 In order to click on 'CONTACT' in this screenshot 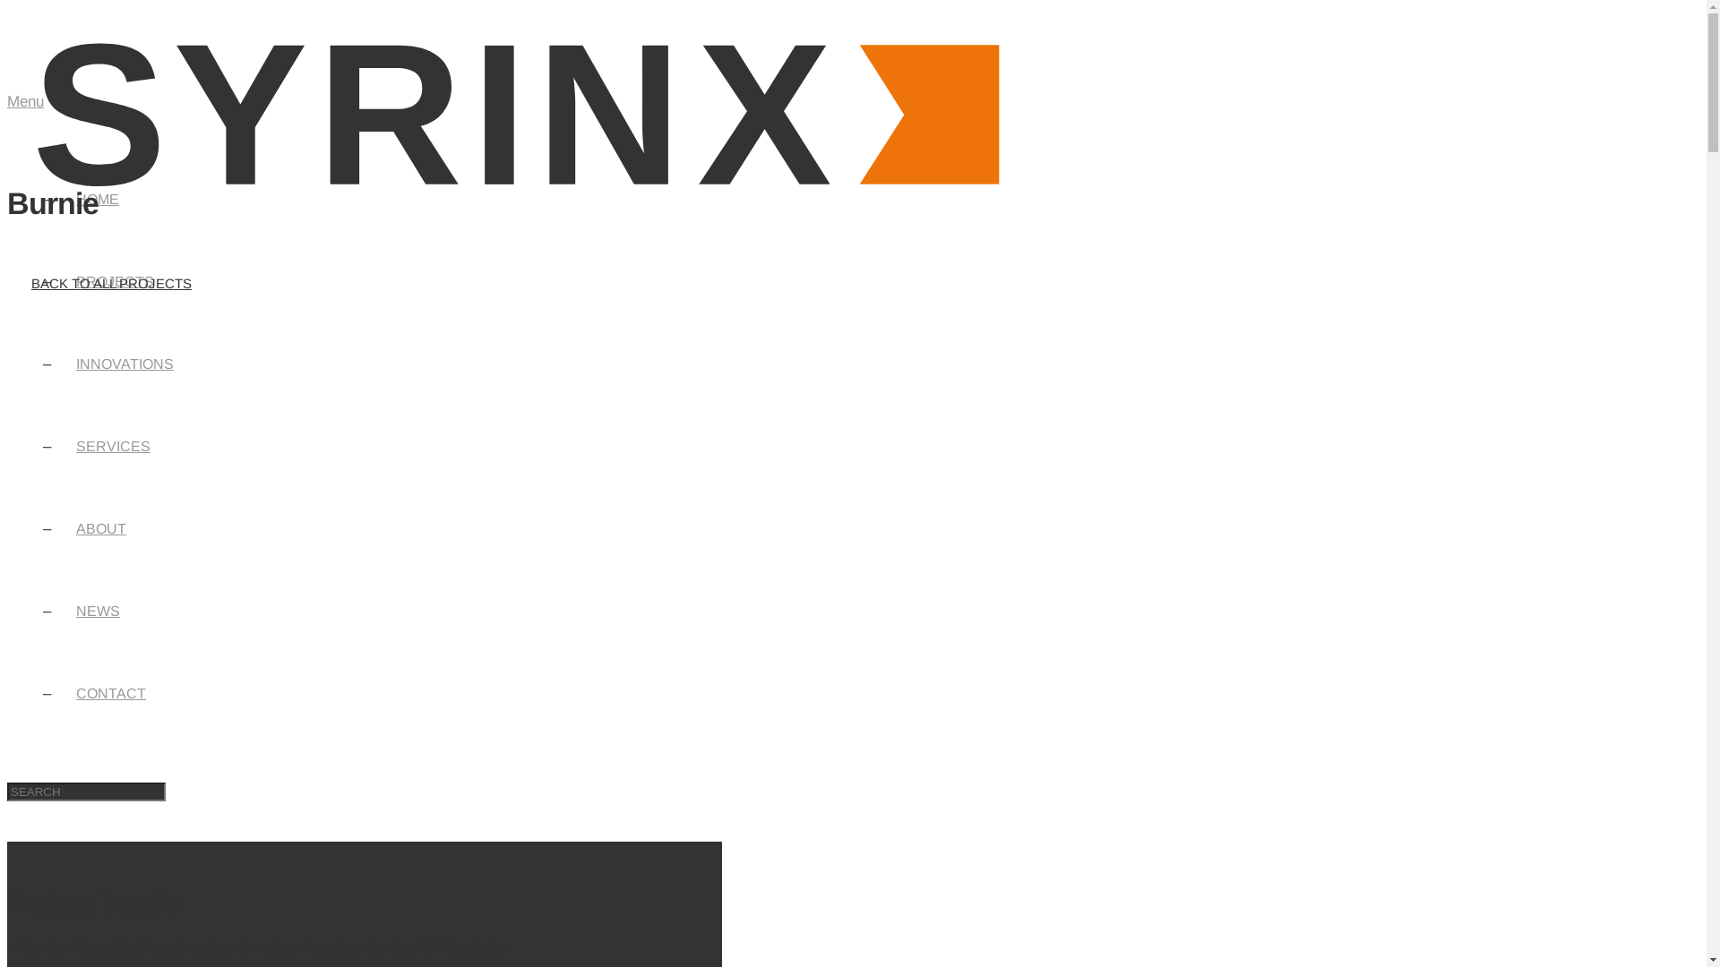, I will do `click(110, 692)`.